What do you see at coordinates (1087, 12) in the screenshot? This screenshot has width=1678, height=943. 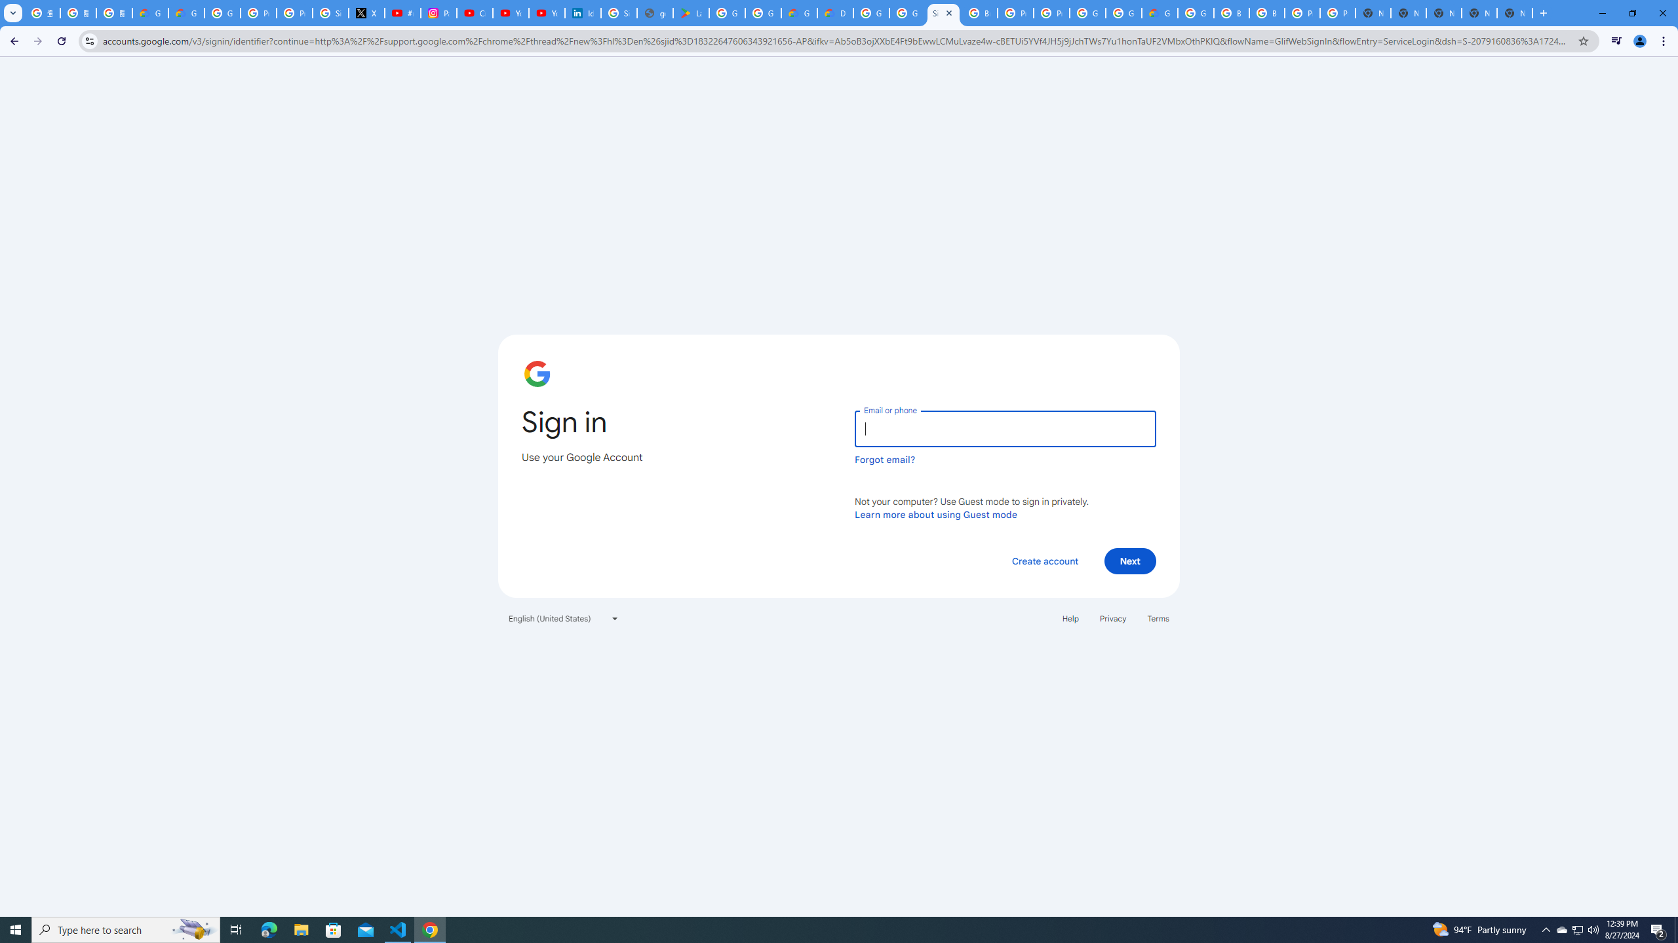 I see `'Google Cloud Platform'` at bounding box center [1087, 12].